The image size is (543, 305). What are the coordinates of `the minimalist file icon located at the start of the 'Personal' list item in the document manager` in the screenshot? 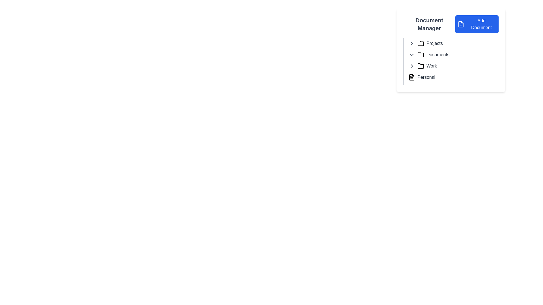 It's located at (411, 77).